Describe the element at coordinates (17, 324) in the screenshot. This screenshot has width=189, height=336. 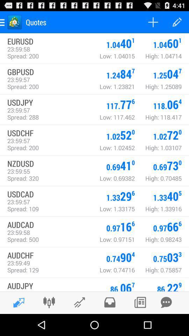
I see `the edit icon` at that location.